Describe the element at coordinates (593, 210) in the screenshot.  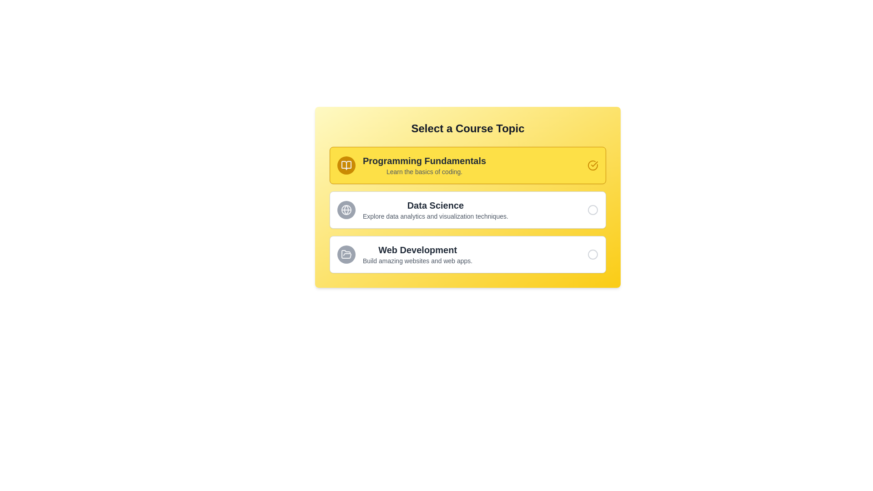
I see `the radio button located on the far-right side of the 'Data Science' section` at that location.